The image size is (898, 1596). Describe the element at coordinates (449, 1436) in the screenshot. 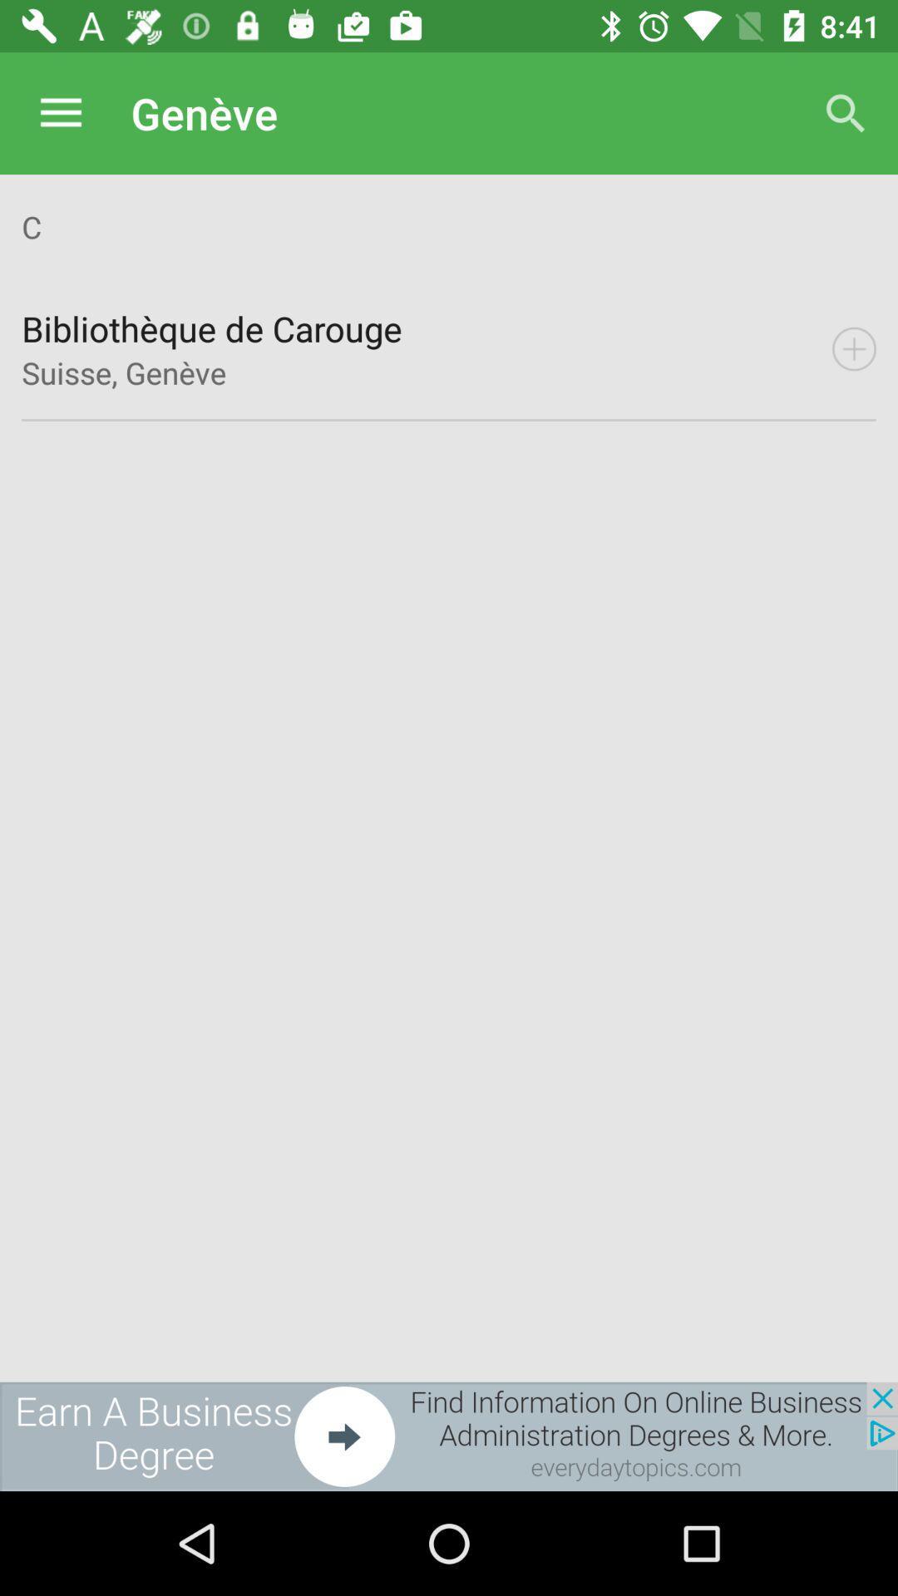

I see `click advertisement` at that location.